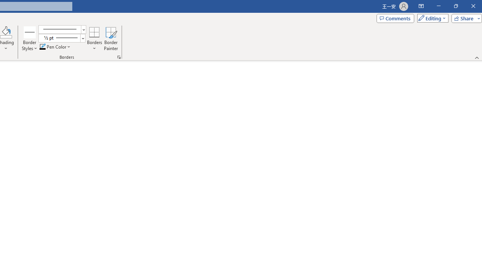  I want to click on 'Border Painter', so click(111, 39).